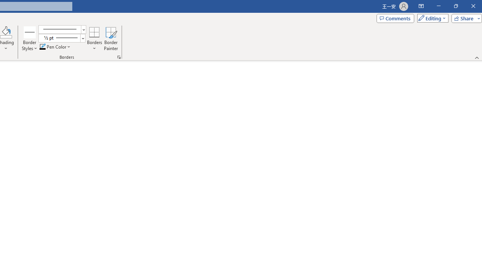  I want to click on 'Border Painter', so click(111, 39).